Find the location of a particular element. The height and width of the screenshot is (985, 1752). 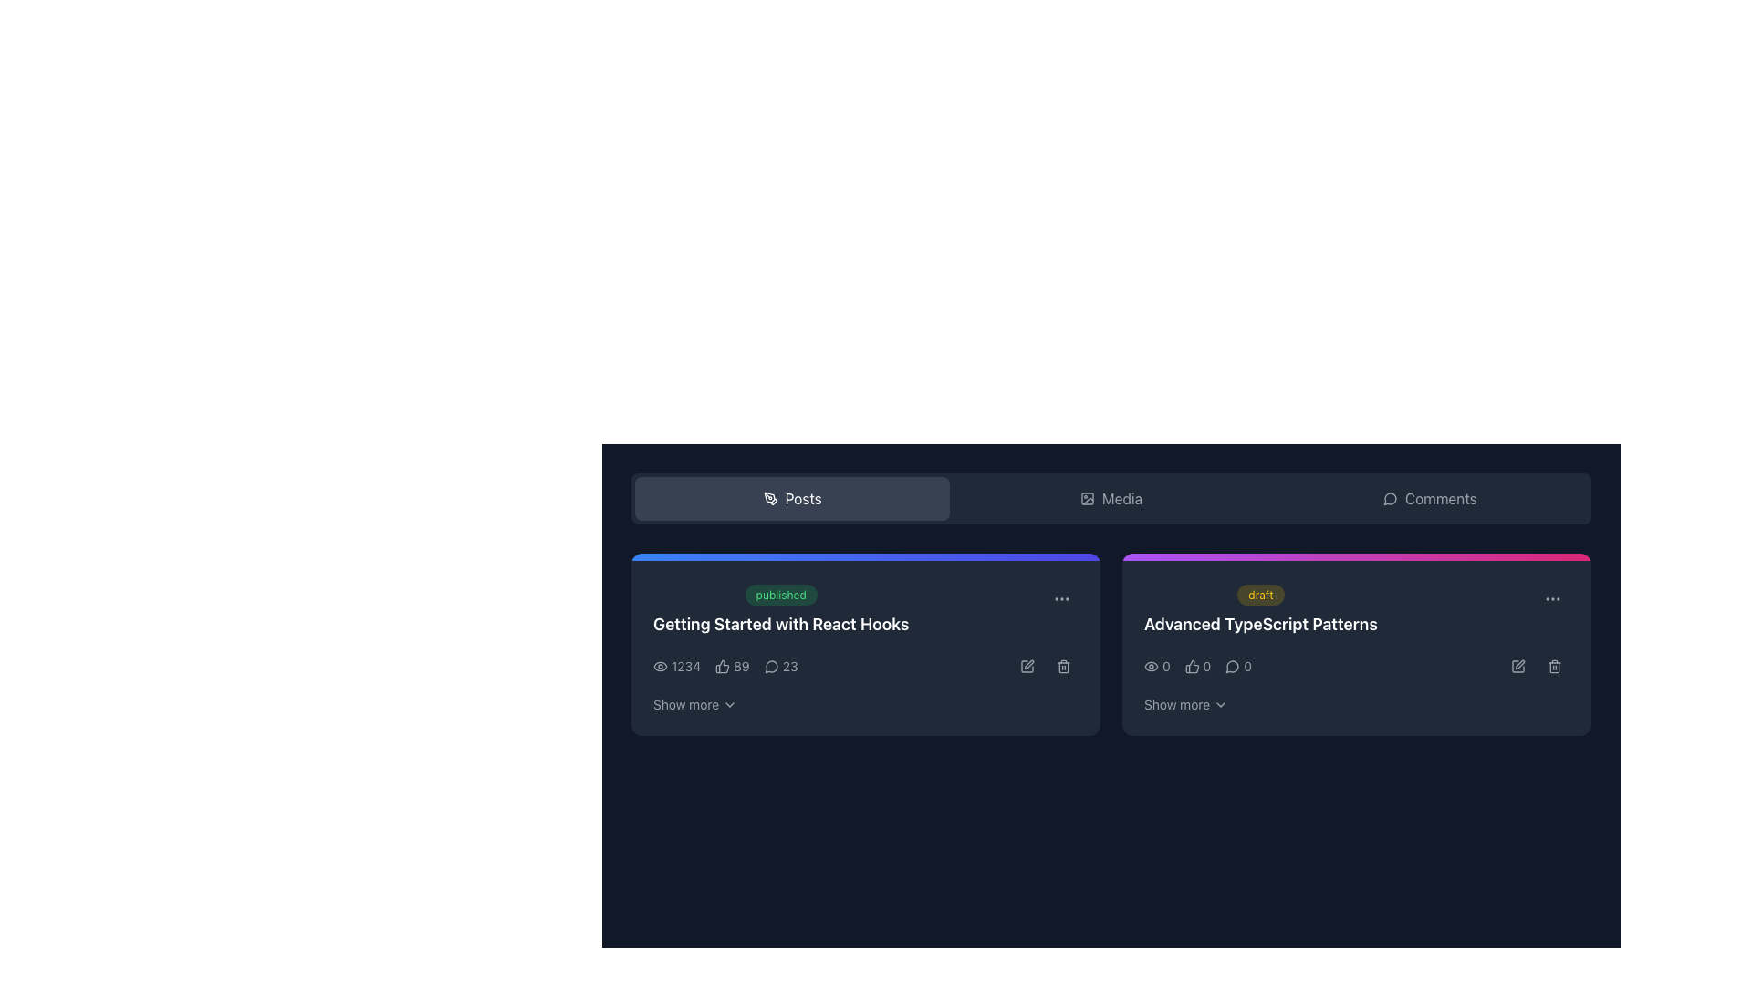

the edit icon button located in the lower-right corner of the card for the post titled 'Advanced TypeScript Patterns' to initiate an editing action is located at coordinates (1518, 667).